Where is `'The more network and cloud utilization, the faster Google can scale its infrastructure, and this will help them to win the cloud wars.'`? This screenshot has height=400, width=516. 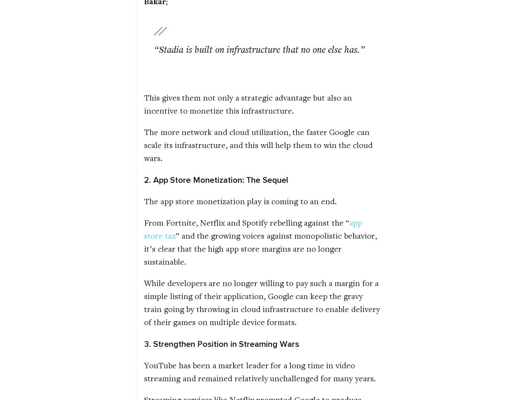 'The more network and cloud utilization, the faster Google can scale its infrastructure, and this will help them to win the cloud wars.' is located at coordinates (258, 145).